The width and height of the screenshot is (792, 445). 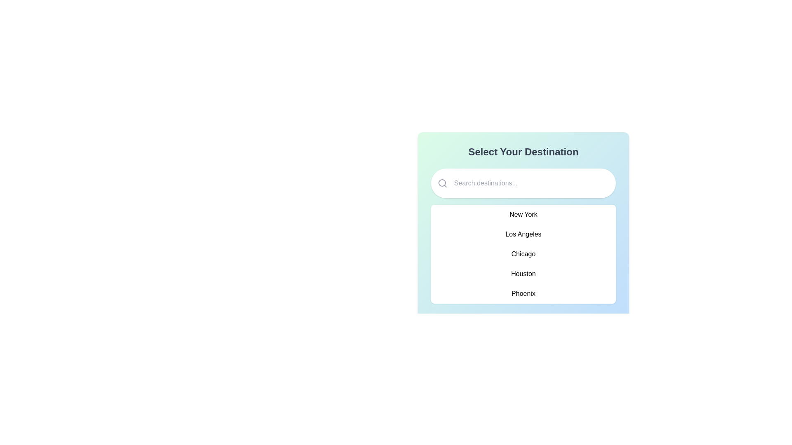 I want to click on the 'Los Angeles' clickable list item, so click(x=523, y=234).